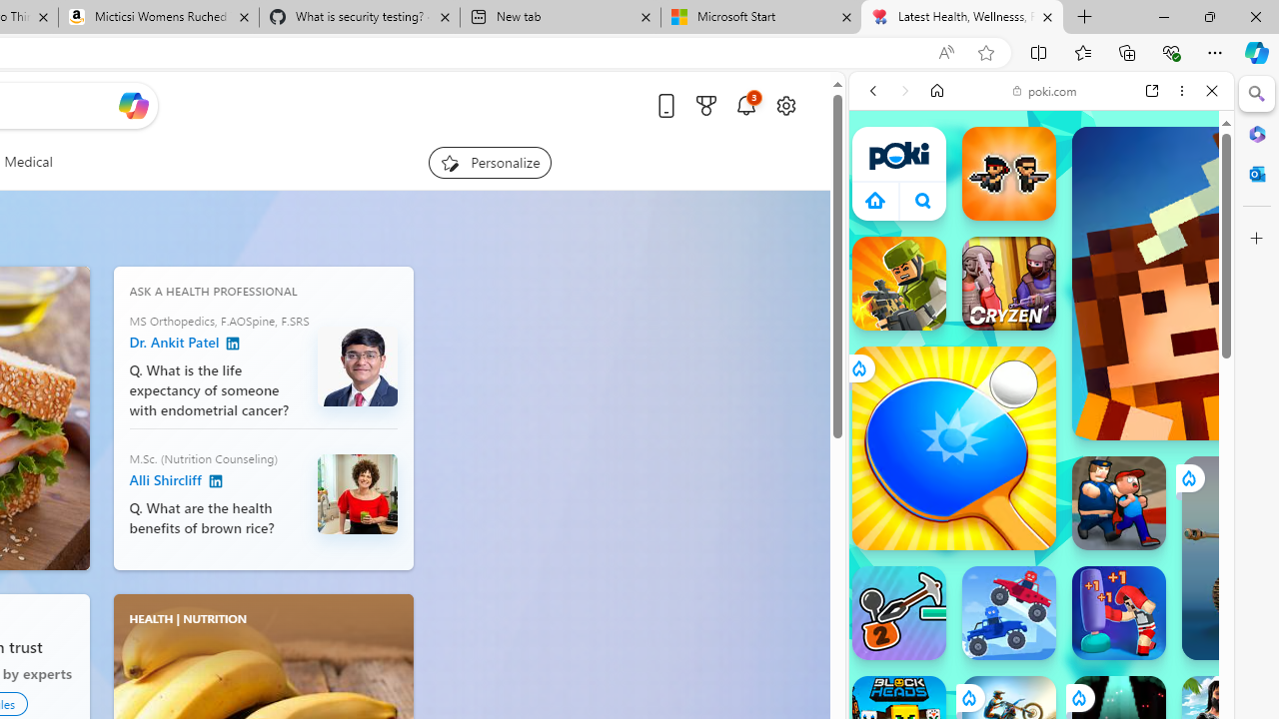 This screenshot has height=719, width=1279. I want to click on 'Punch Legend Simulator Punch Legend Simulator', so click(1119, 612).